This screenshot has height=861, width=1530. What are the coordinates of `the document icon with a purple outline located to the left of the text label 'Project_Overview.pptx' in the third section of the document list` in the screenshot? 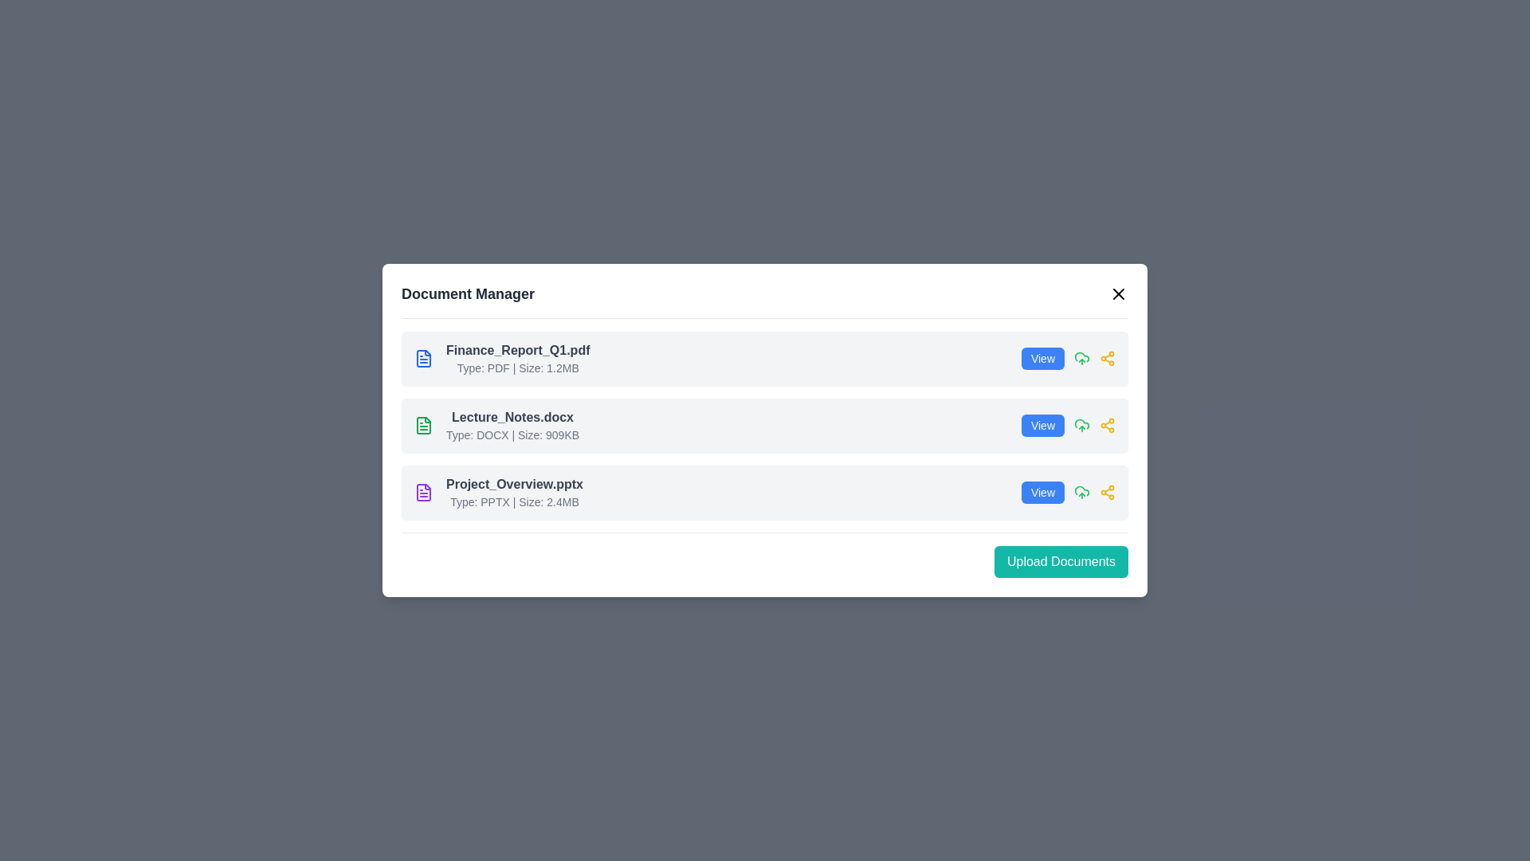 It's located at (424, 491).